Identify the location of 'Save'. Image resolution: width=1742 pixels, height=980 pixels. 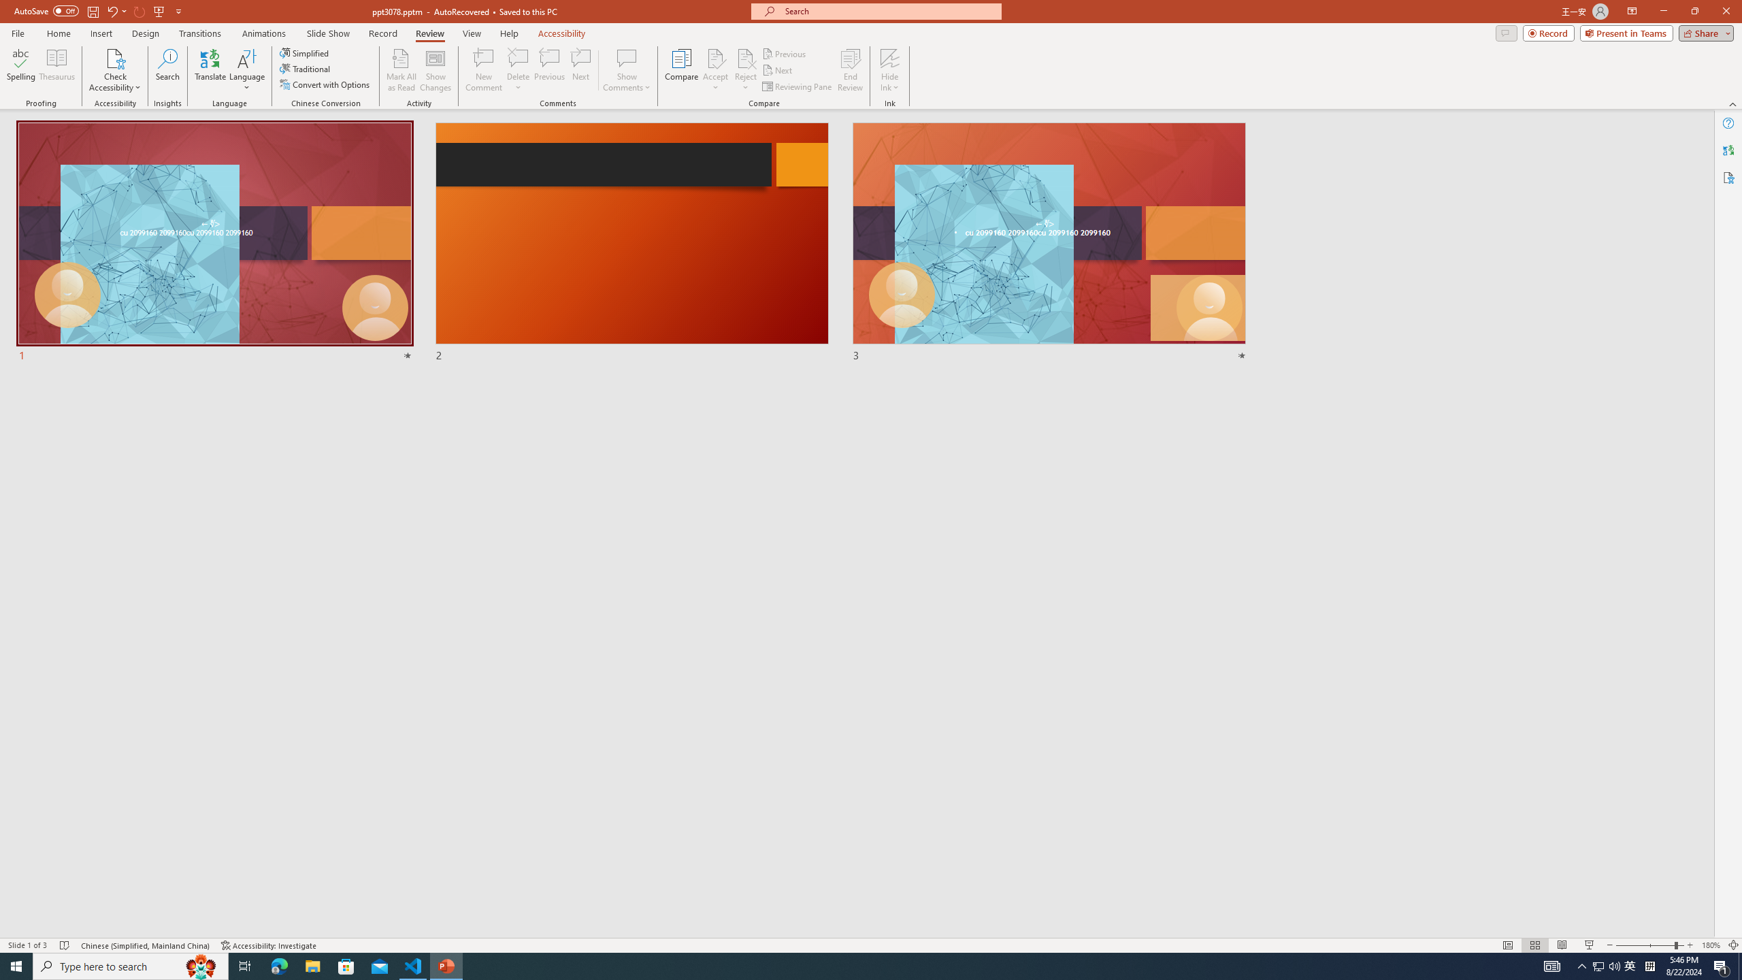
(92, 10).